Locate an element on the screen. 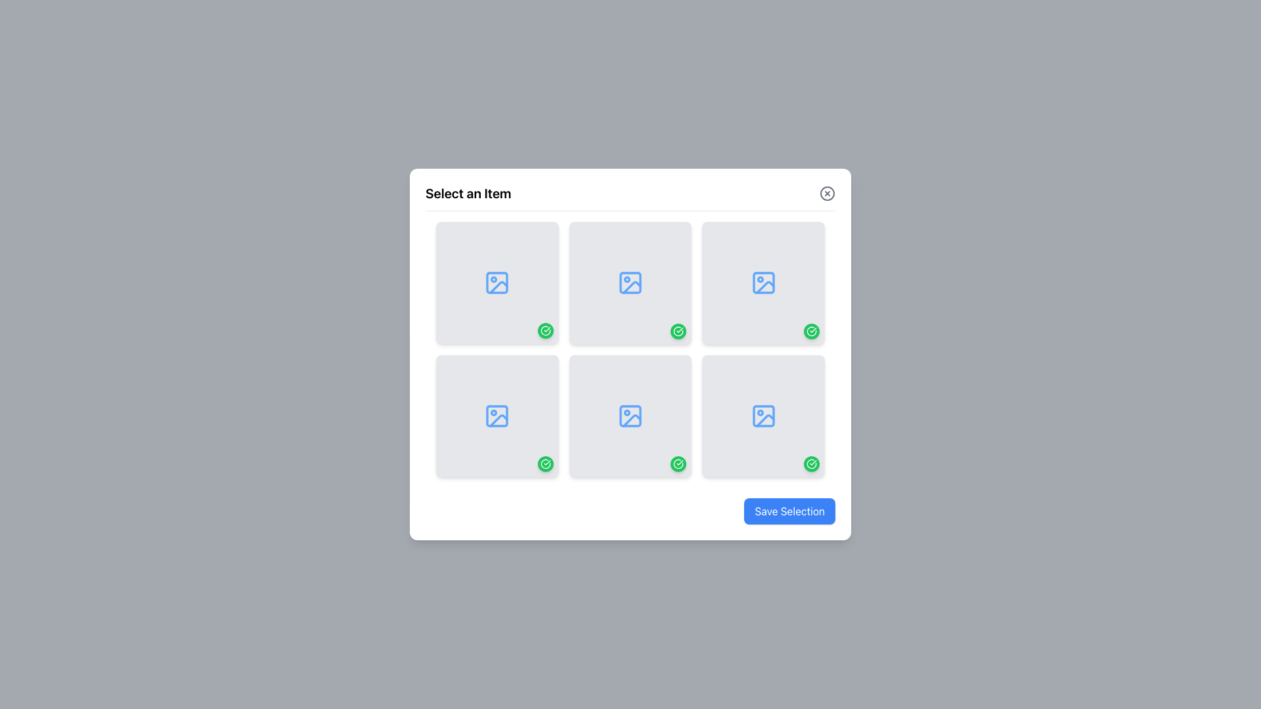 The width and height of the screenshot is (1261, 709). the checkmark icon indicating the selection state of the sixth image placeholder located in the bottom-right corner of the placeholder is located at coordinates (678, 463).